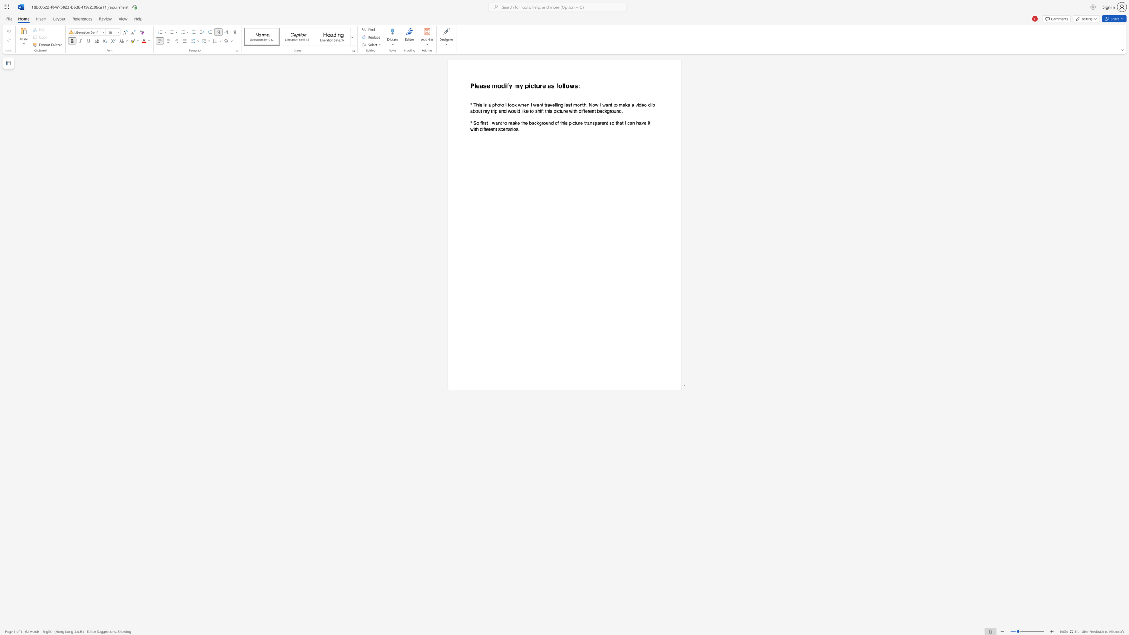  Describe the element at coordinates (547, 85) in the screenshot. I see `the subset text "as follo" within the text "my picture as follows:"` at that location.